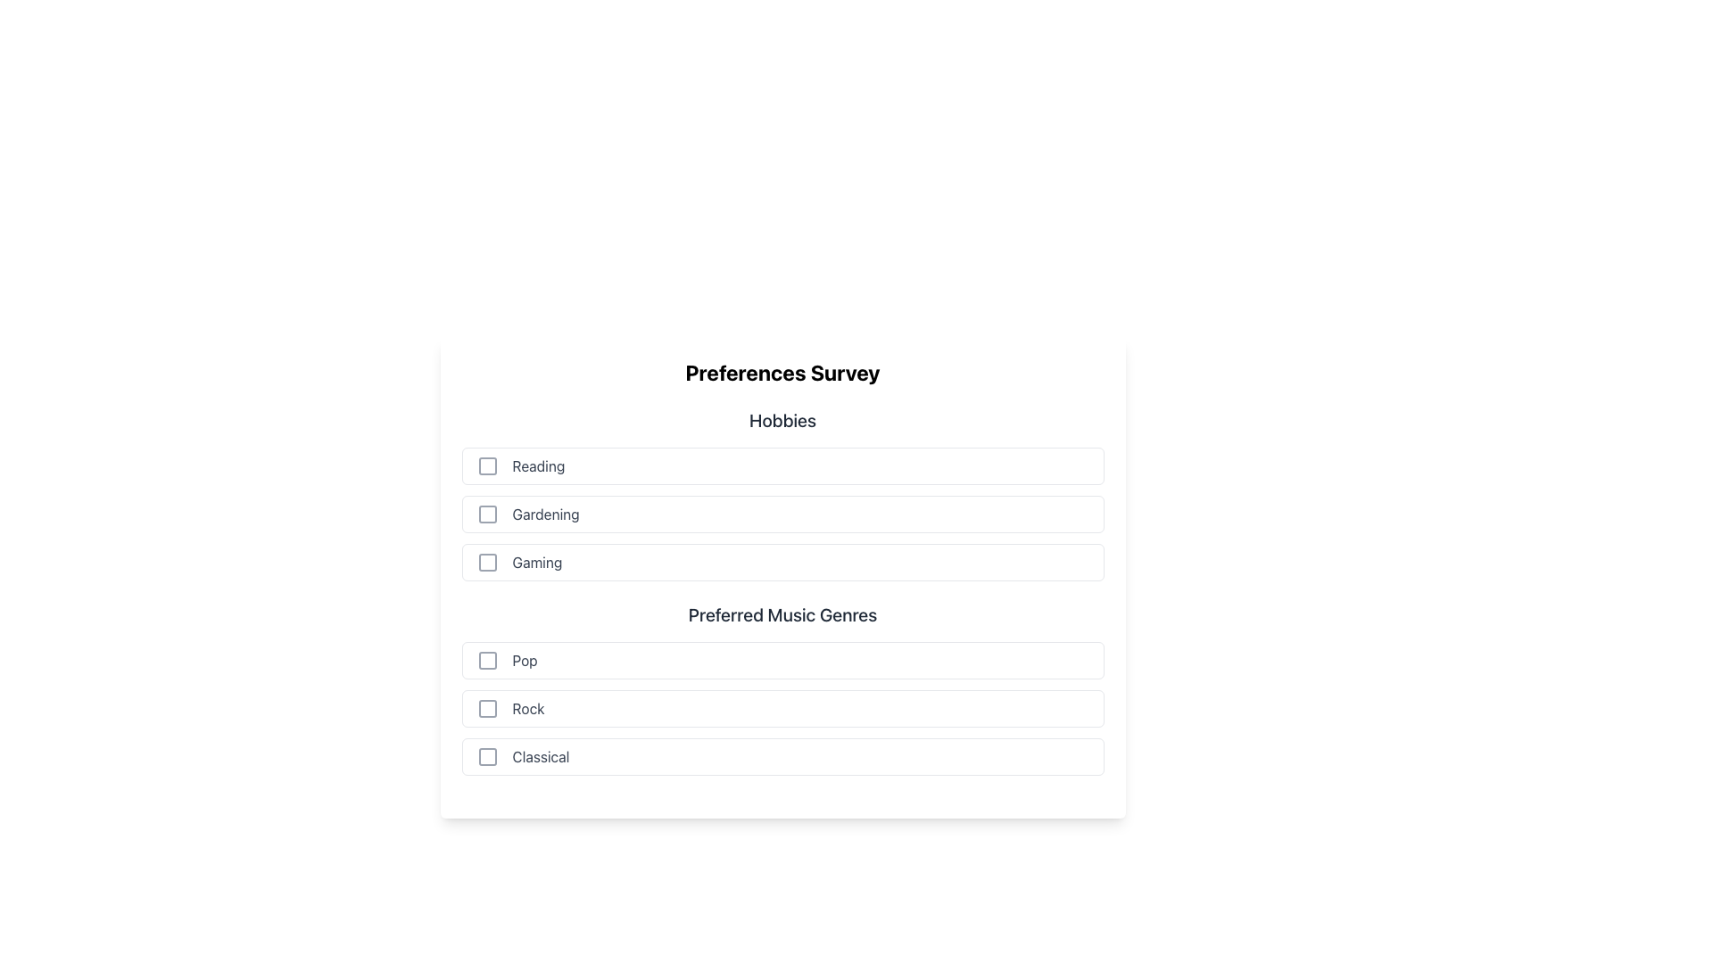  What do you see at coordinates (782, 660) in the screenshot?
I see `the first checkbox for the 'Preferred Music Genres' survey option` at bounding box center [782, 660].